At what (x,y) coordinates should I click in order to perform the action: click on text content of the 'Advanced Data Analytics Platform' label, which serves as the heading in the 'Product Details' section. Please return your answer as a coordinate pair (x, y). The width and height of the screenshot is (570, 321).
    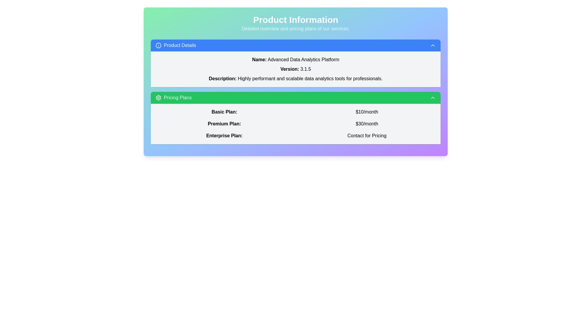
    Looking at the image, I should click on (259, 59).